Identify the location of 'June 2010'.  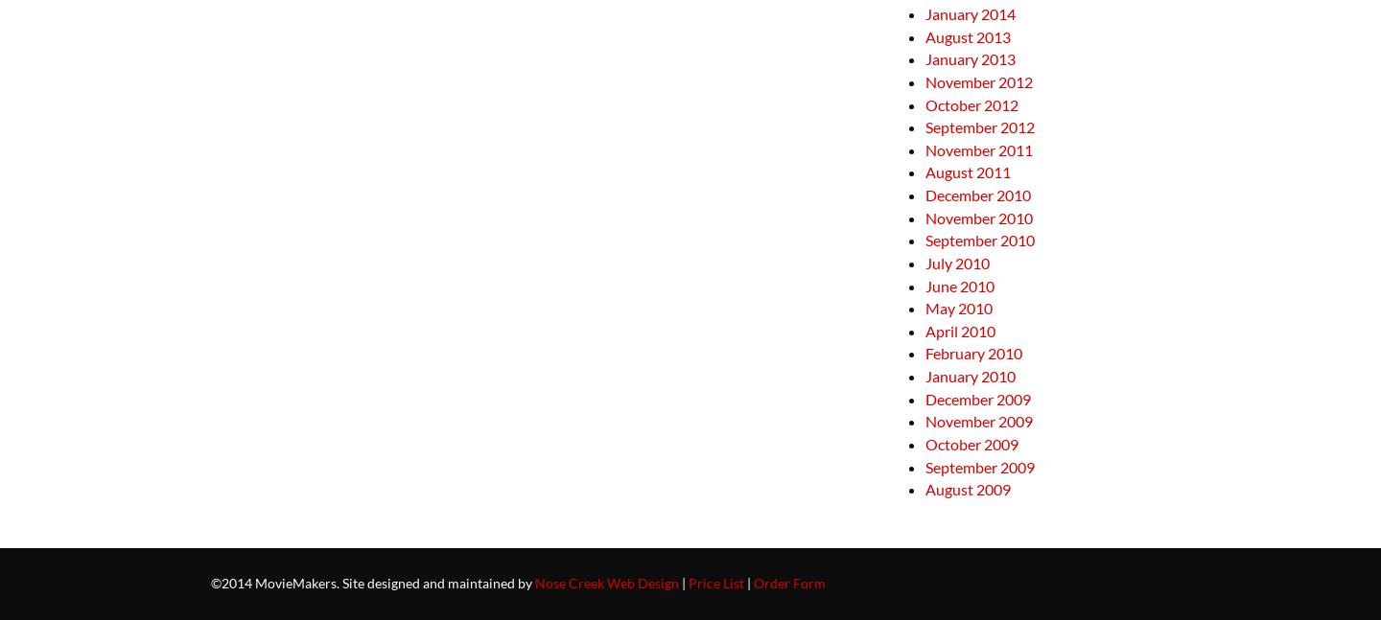
(958, 284).